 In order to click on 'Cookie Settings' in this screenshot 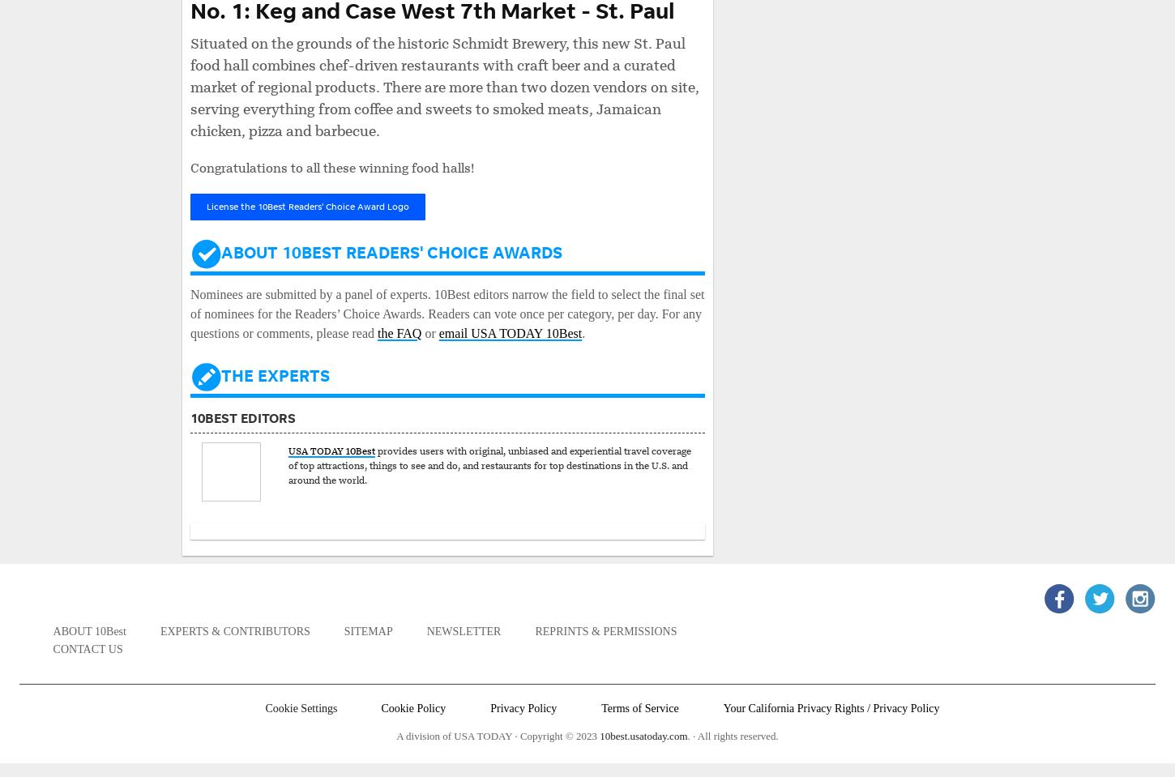, I will do `click(264, 707)`.